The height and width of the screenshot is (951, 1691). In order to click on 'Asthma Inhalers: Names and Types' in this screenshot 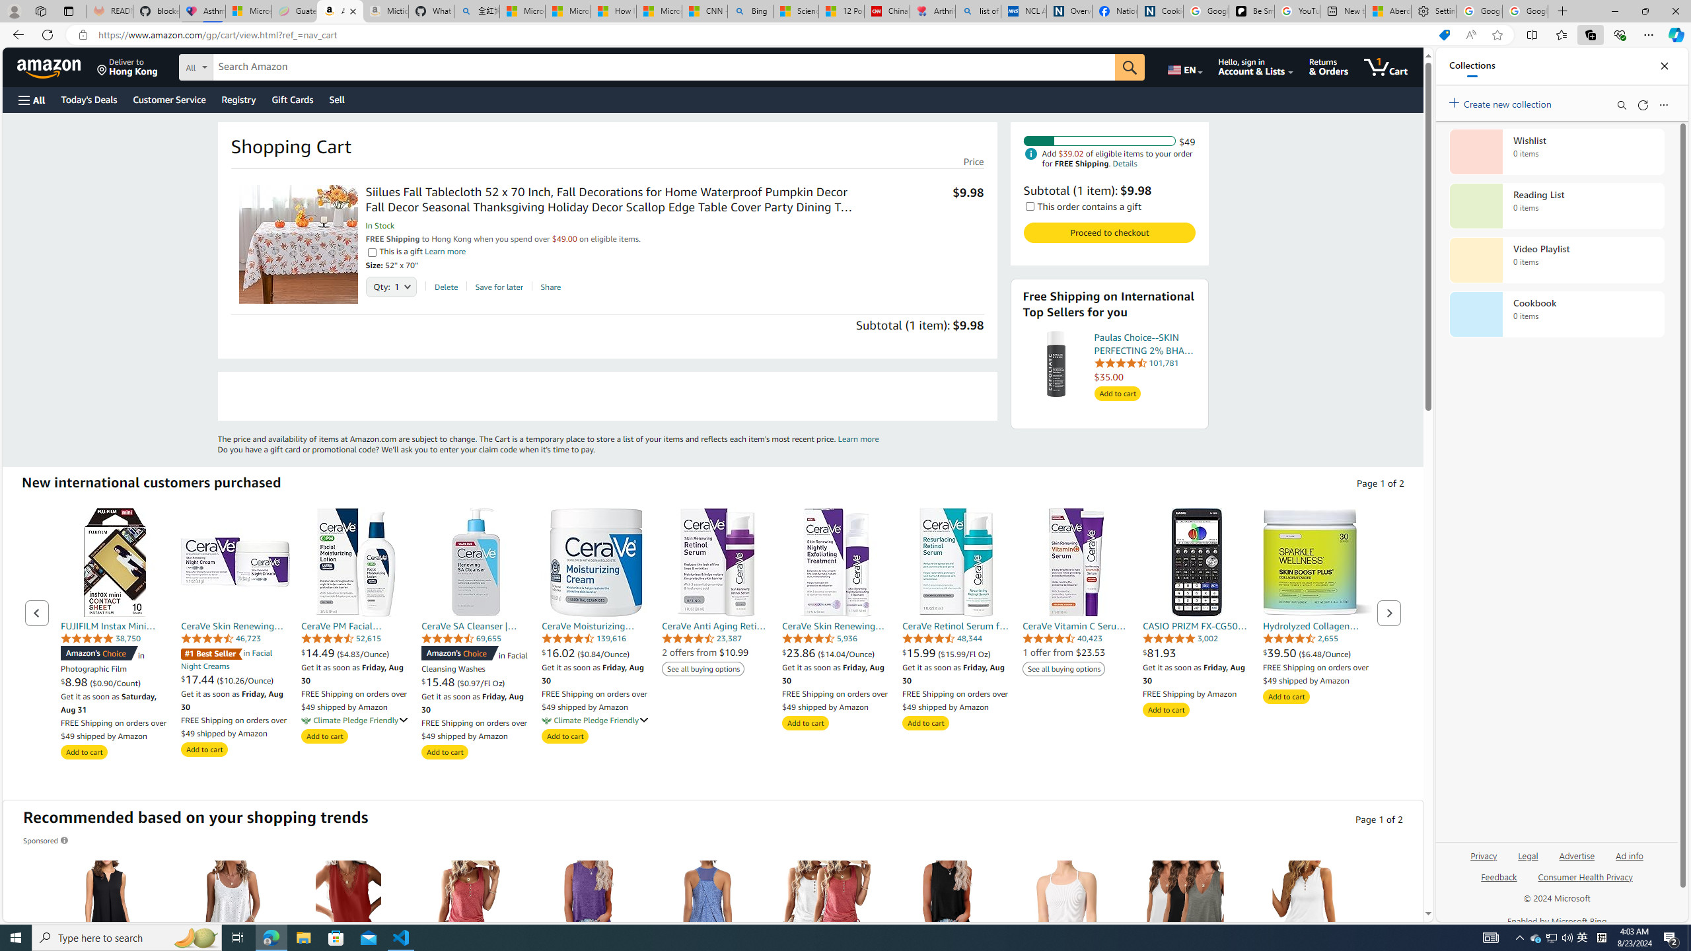, I will do `click(202, 11)`.